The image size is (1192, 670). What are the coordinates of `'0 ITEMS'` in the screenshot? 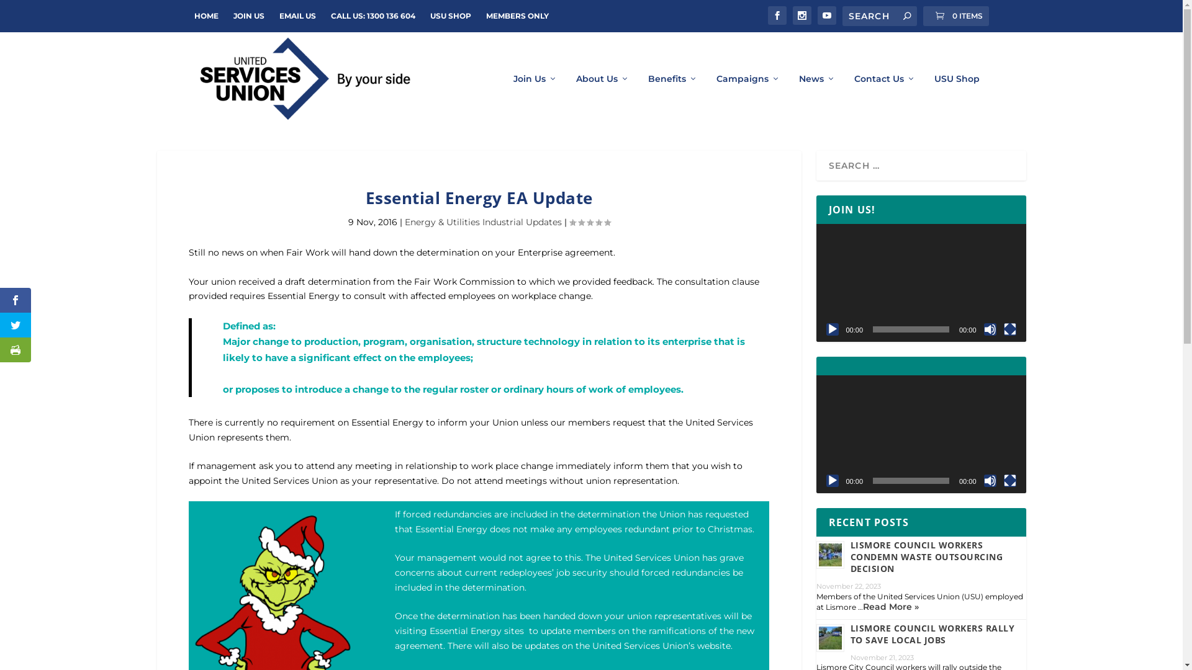 It's located at (923, 16).